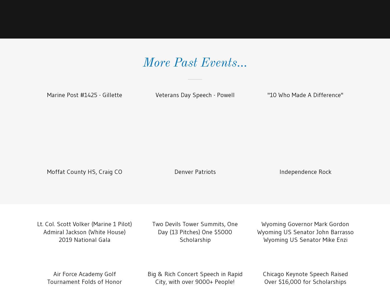  I want to click on 'Denver Patriots', so click(194, 171).